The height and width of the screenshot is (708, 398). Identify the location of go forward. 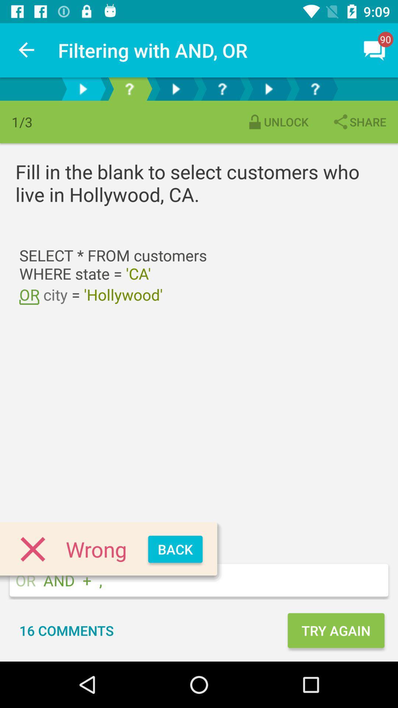
(83, 88).